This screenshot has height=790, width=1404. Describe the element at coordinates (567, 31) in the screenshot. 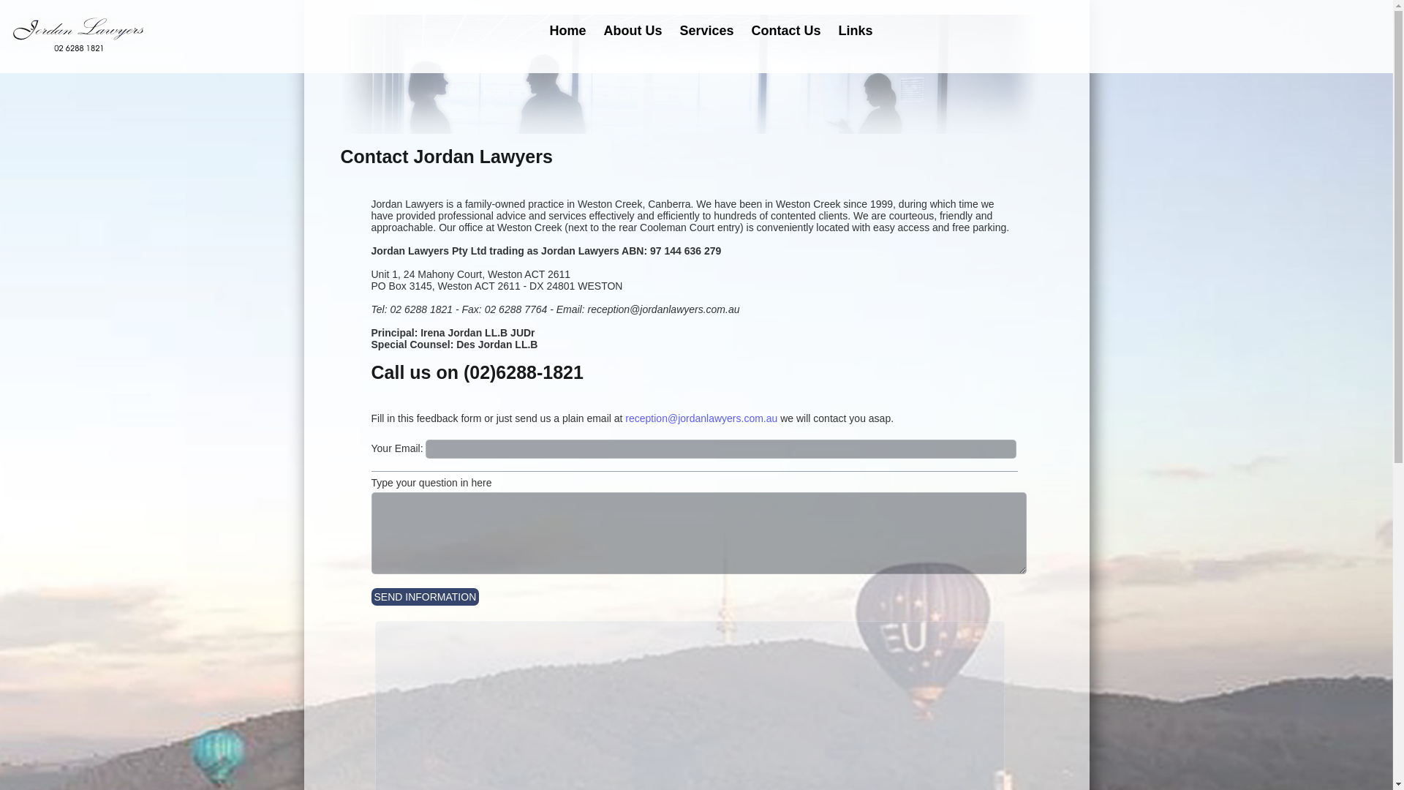

I see `'Home'` at that location.